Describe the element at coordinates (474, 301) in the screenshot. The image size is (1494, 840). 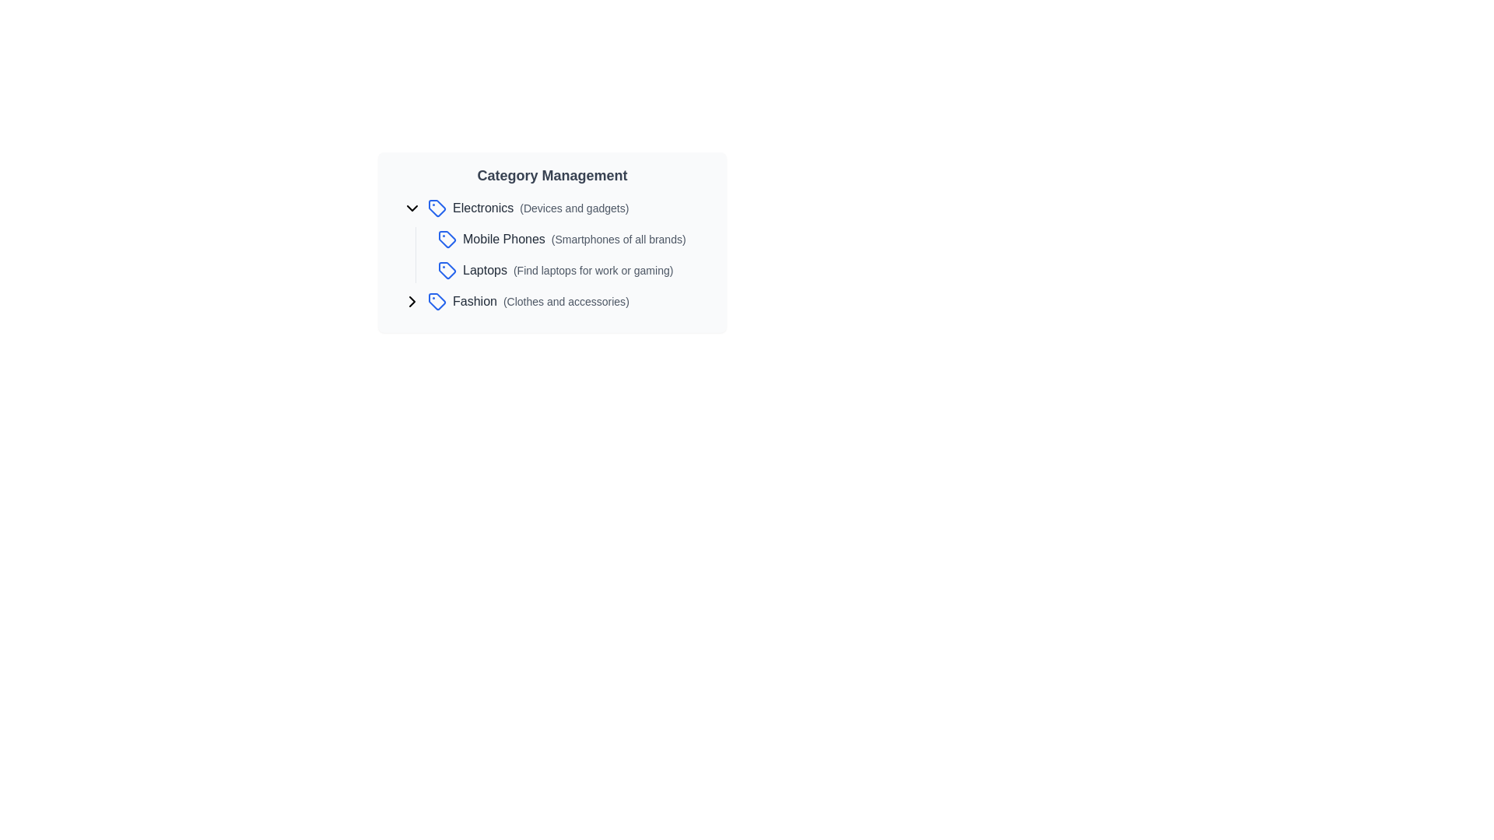
I see `the 'Fashion' category label, which serves as an indicator for the current category within a list of categories` at that location.